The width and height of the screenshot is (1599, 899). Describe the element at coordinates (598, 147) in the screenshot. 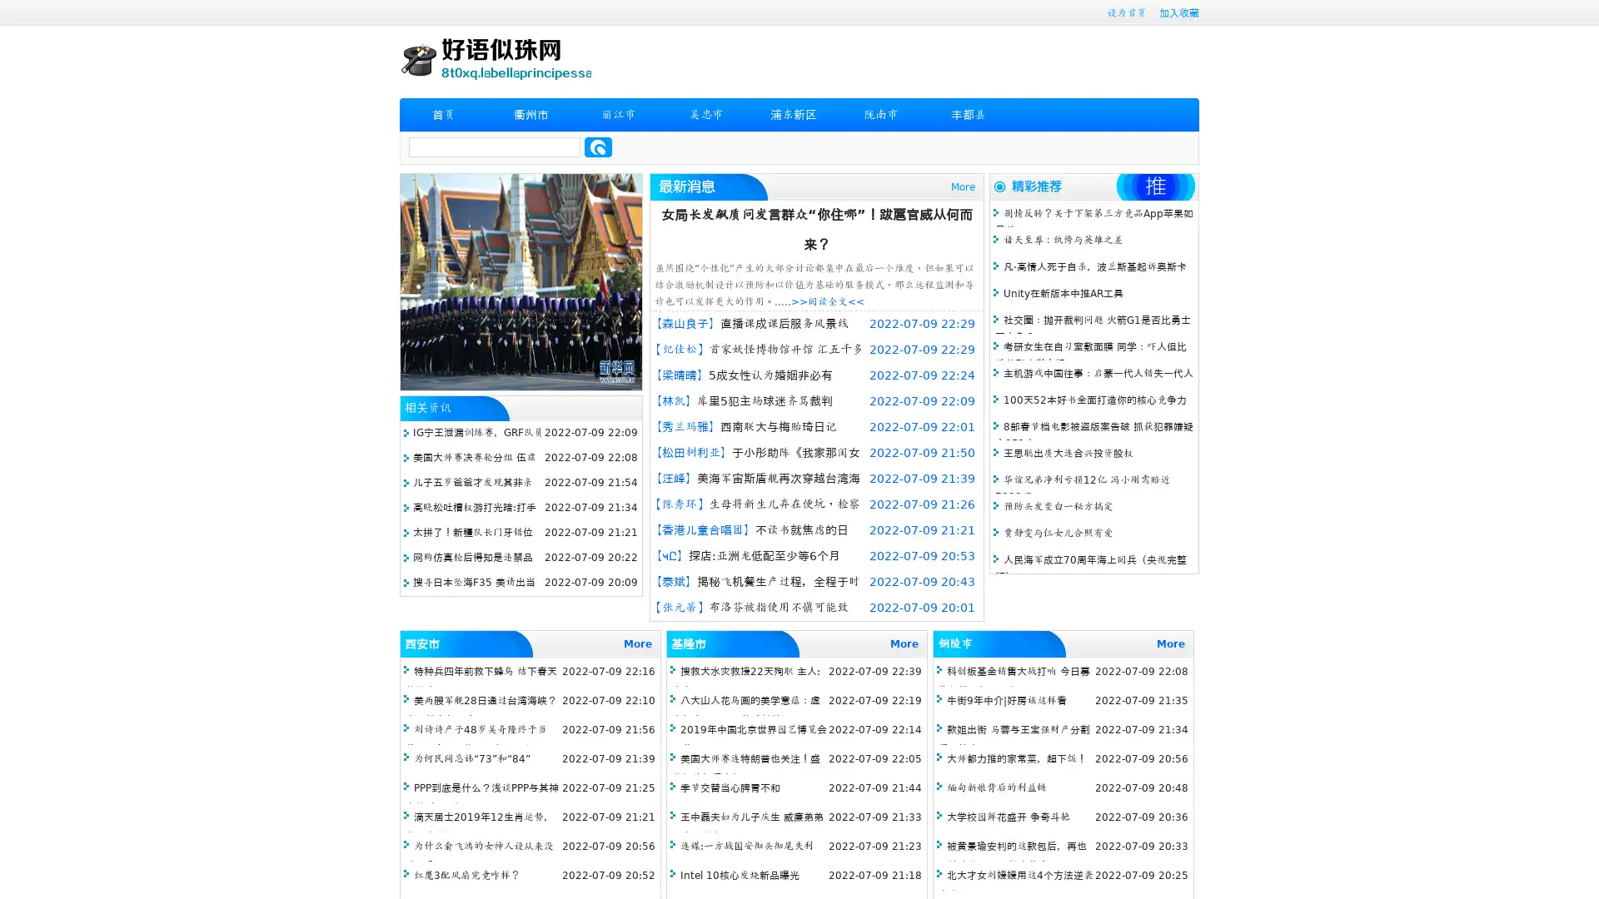

I see `Search` at that location.